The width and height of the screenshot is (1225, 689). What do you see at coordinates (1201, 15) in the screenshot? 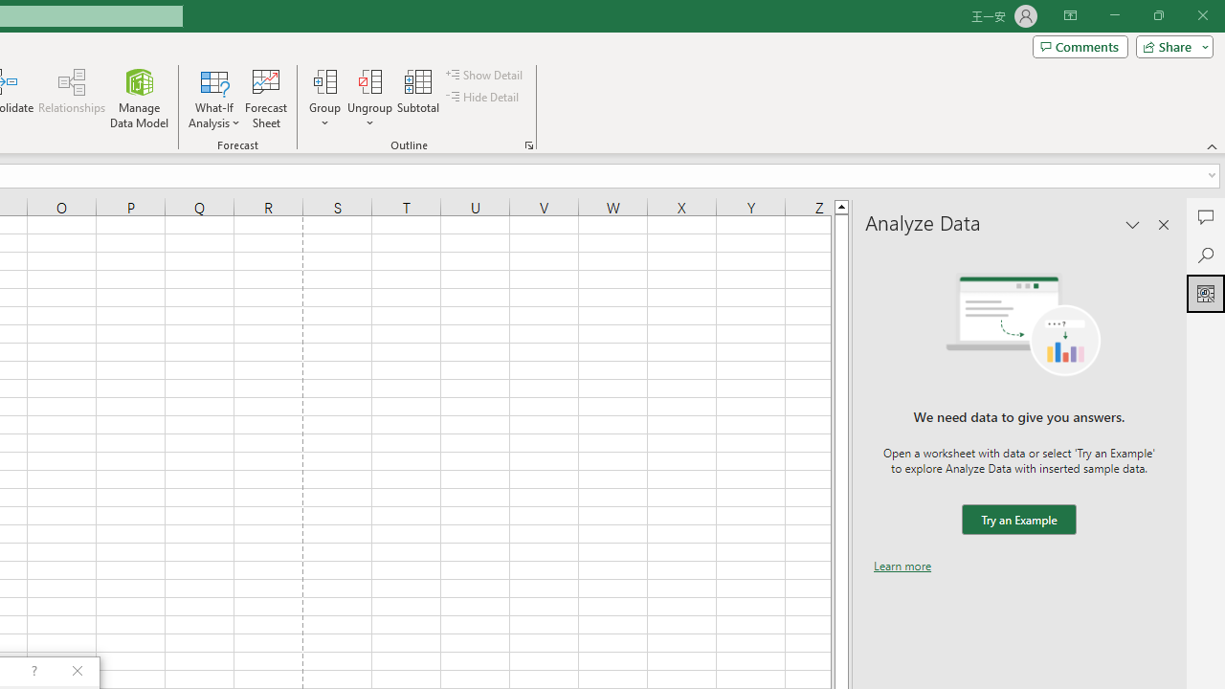
I see `'Close'` at bounding box center [1201, 15].